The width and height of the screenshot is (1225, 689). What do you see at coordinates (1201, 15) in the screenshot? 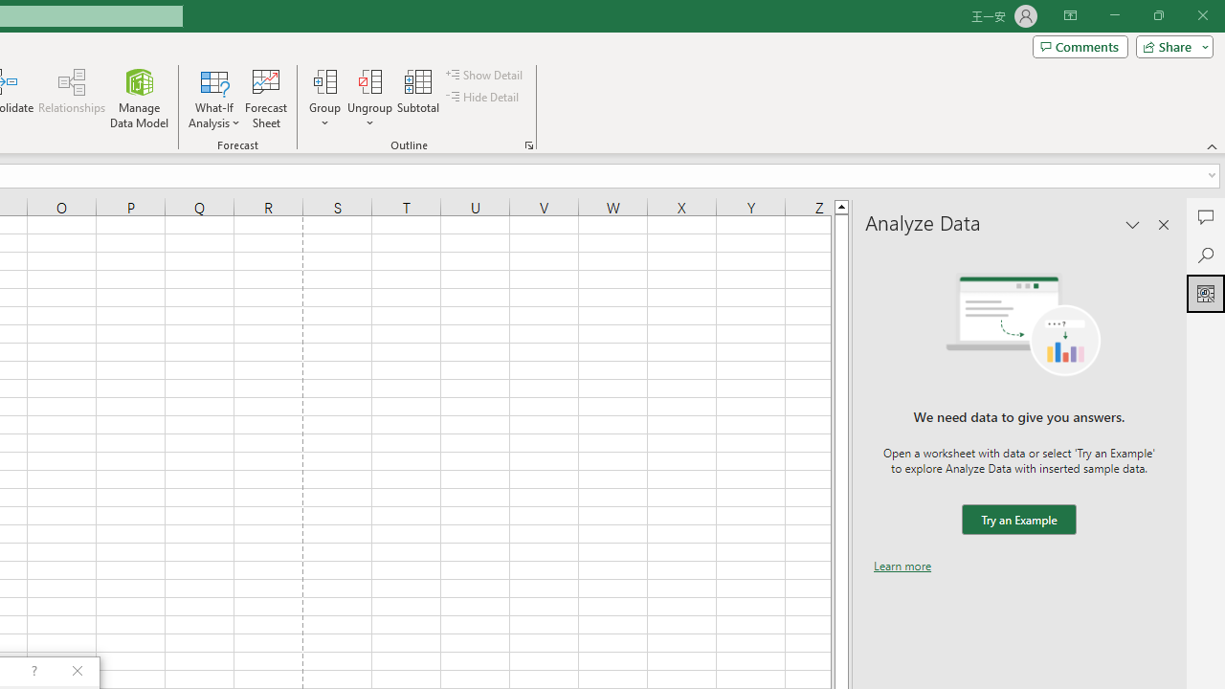
I see `'Close'` at bounding box center [1201, 15].